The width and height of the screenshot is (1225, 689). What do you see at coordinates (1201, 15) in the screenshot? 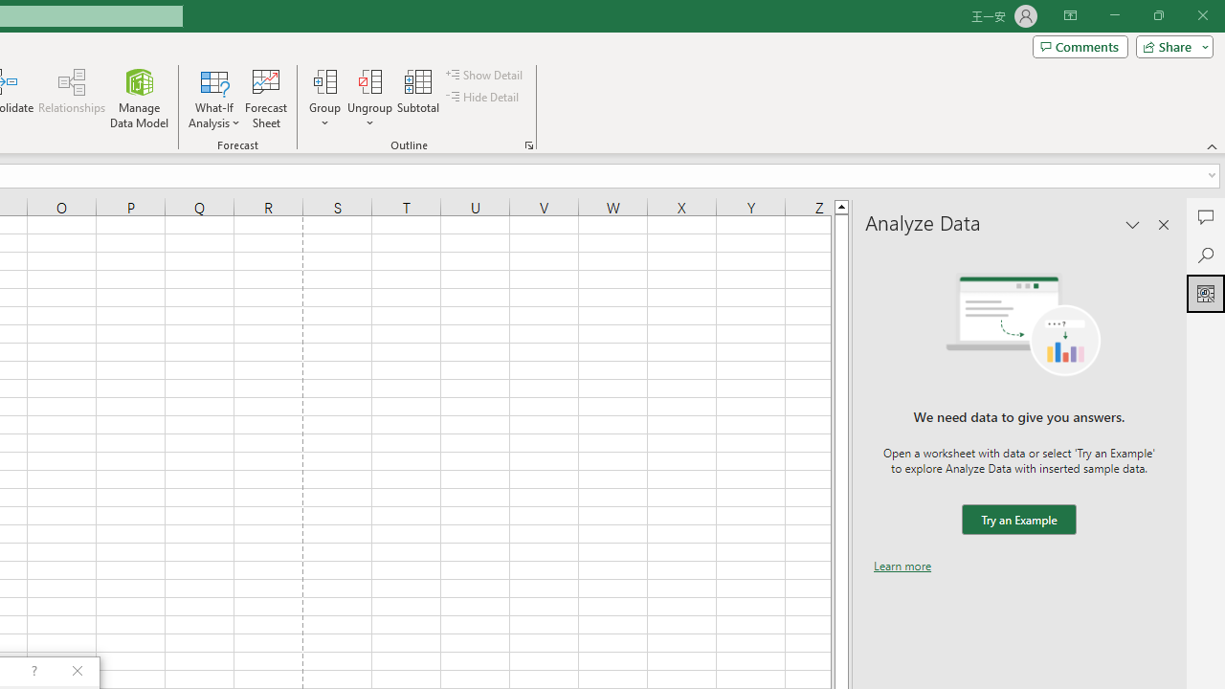
I see `'Close'` at bounding box center [1201, 15].